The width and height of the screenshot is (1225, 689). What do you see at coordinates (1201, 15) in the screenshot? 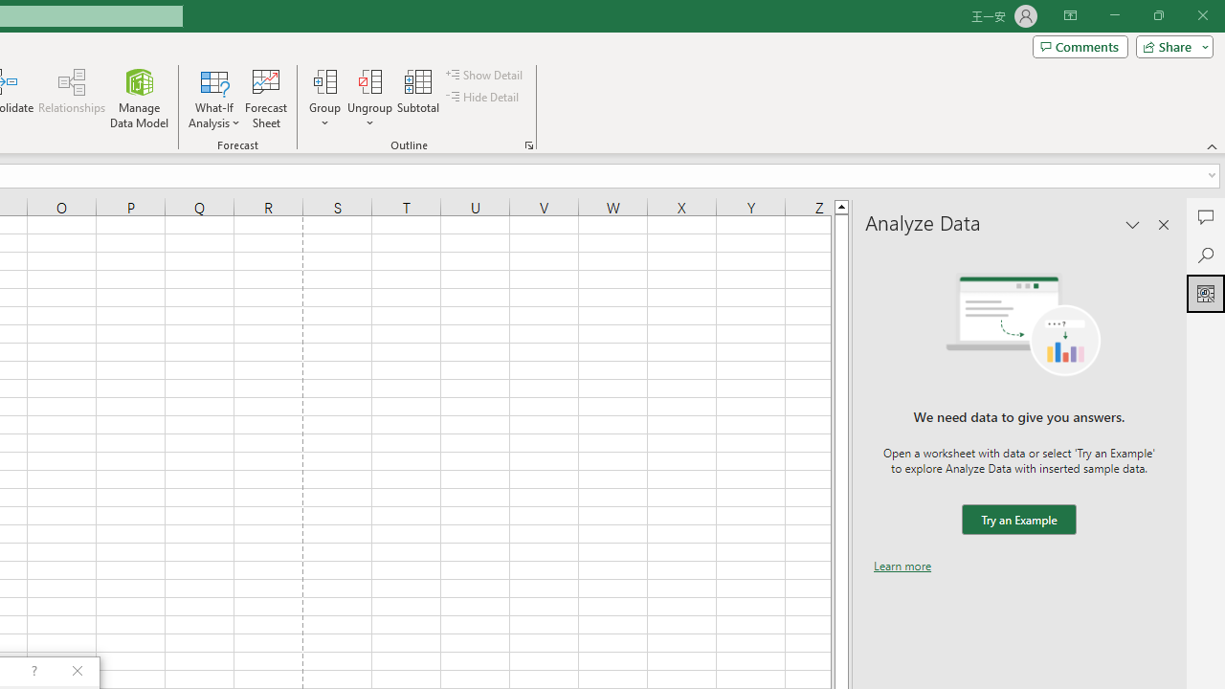
I see `'Close'` at bounding box center [1201, 15].